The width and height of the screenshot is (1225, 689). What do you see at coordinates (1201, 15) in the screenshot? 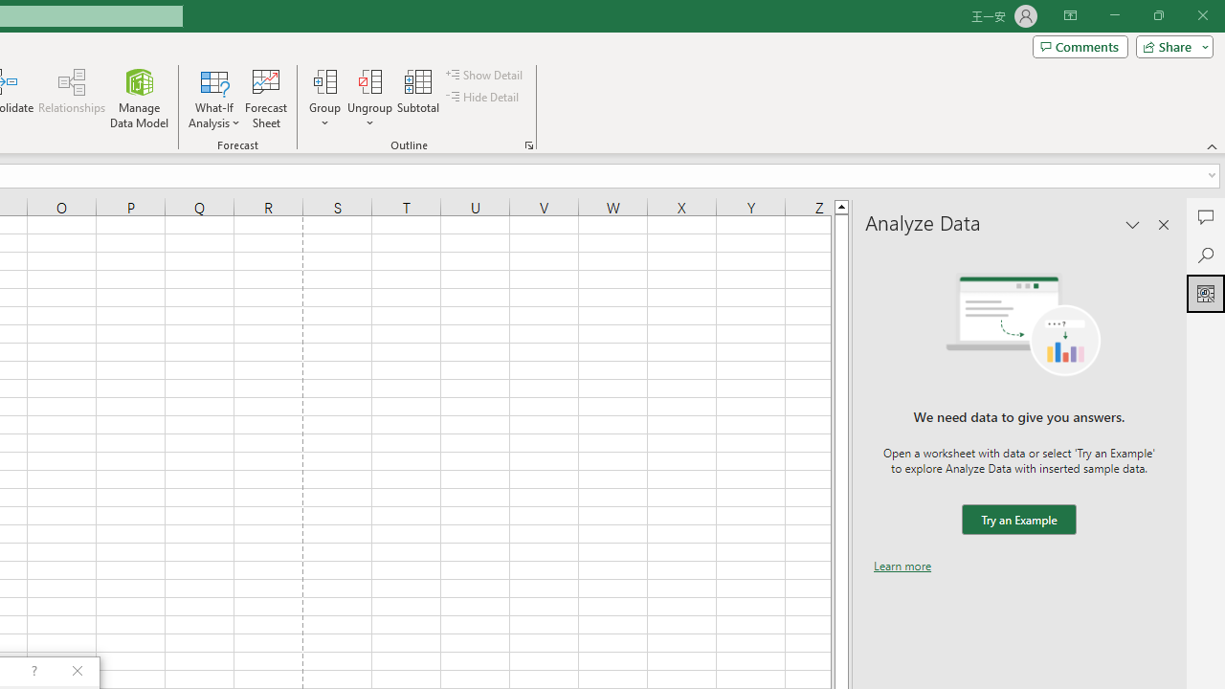
I see `'Close'` at bounding box center [1201, 15].